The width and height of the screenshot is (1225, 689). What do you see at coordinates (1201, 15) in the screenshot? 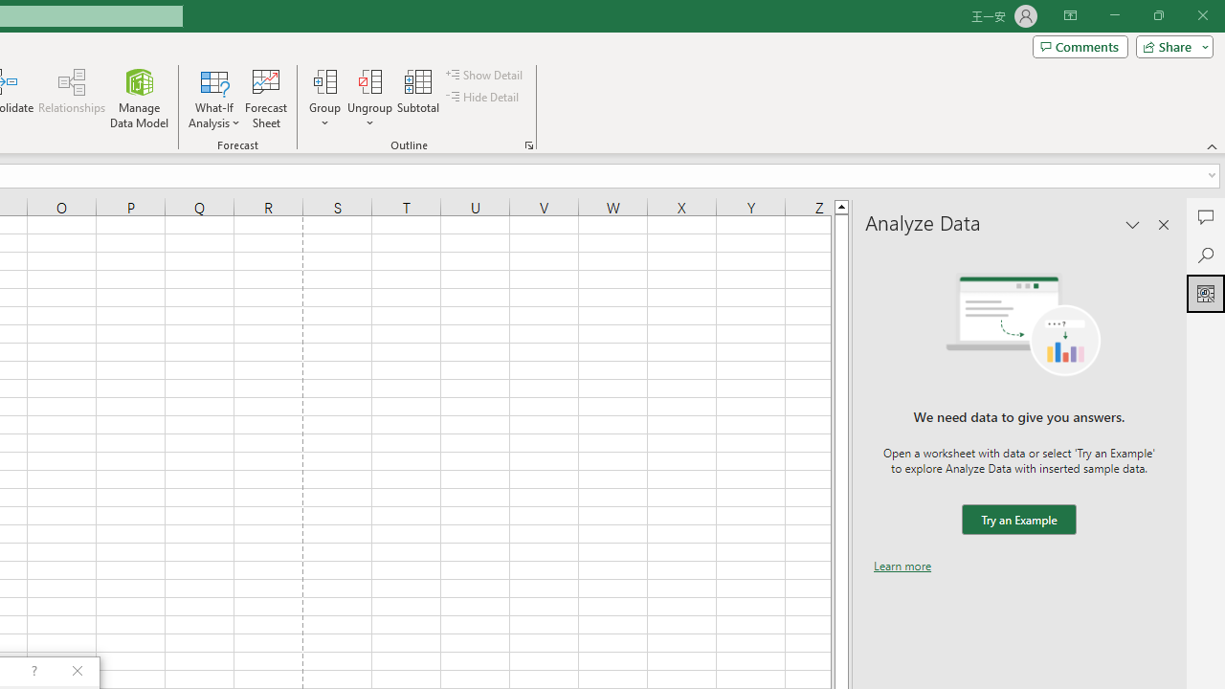
I see `'Close'` at bounding box center [1201, 15].